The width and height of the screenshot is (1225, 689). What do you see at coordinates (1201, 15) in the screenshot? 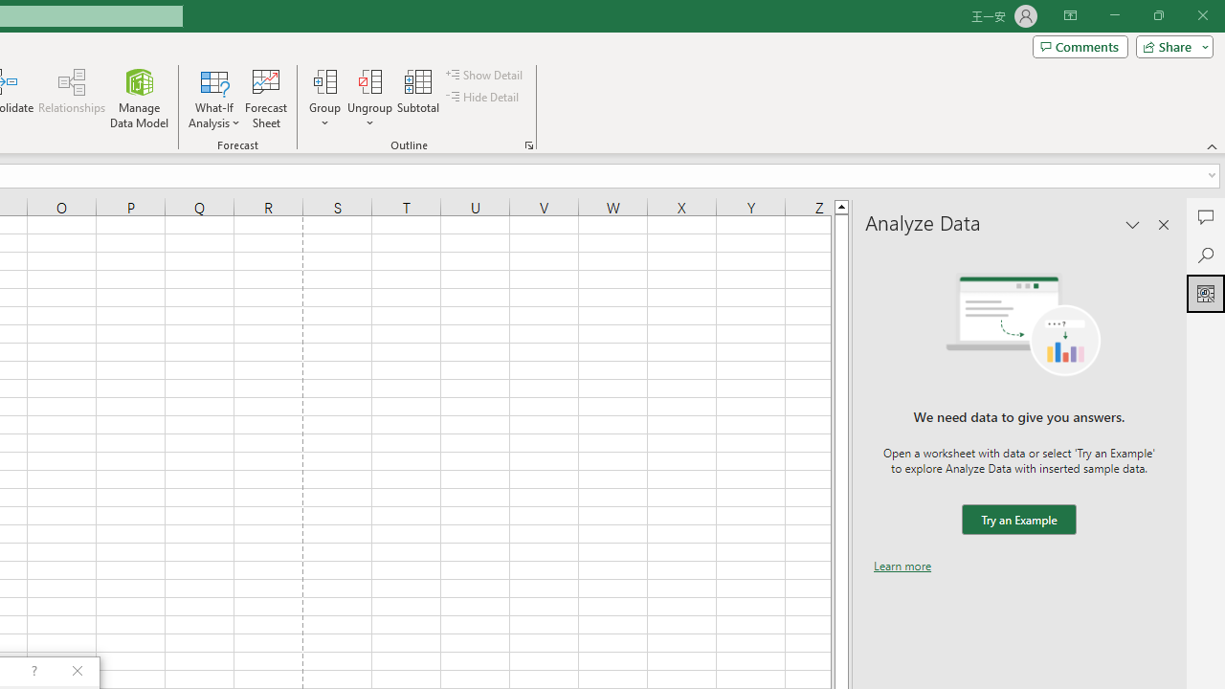
I see `'Close'` at bounding box center [1201, 15].